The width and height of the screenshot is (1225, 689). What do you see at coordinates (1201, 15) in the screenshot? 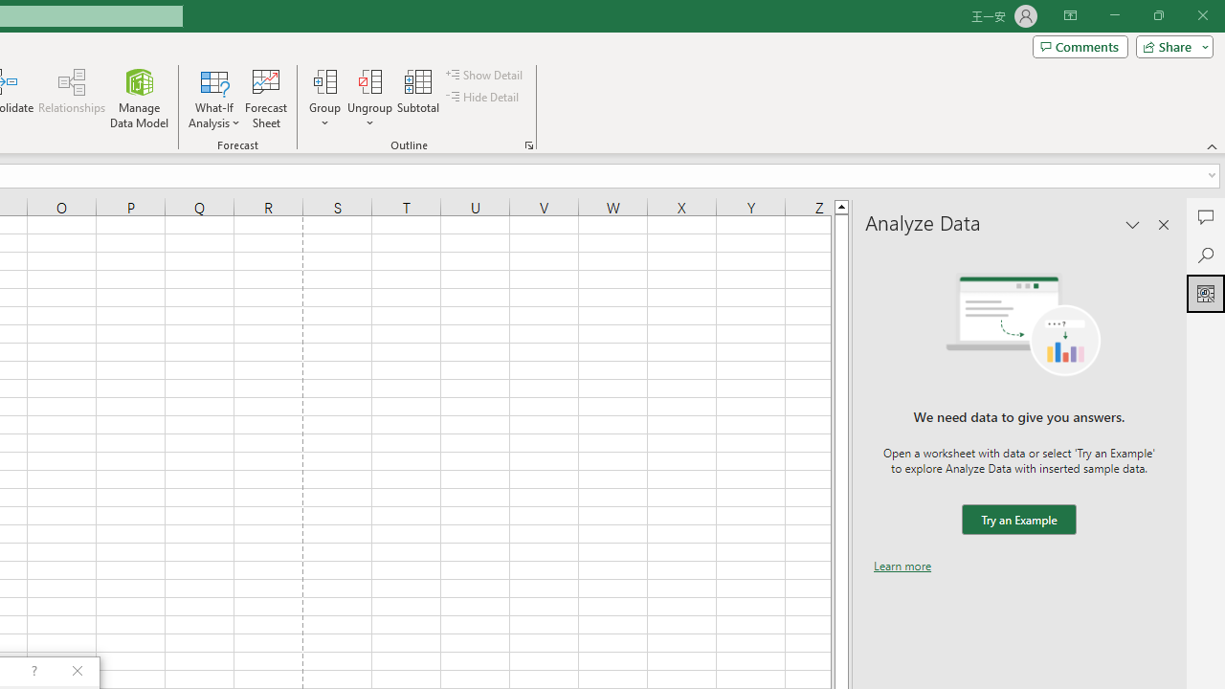
I see `'Close'` at bounding box center [1201, 15].